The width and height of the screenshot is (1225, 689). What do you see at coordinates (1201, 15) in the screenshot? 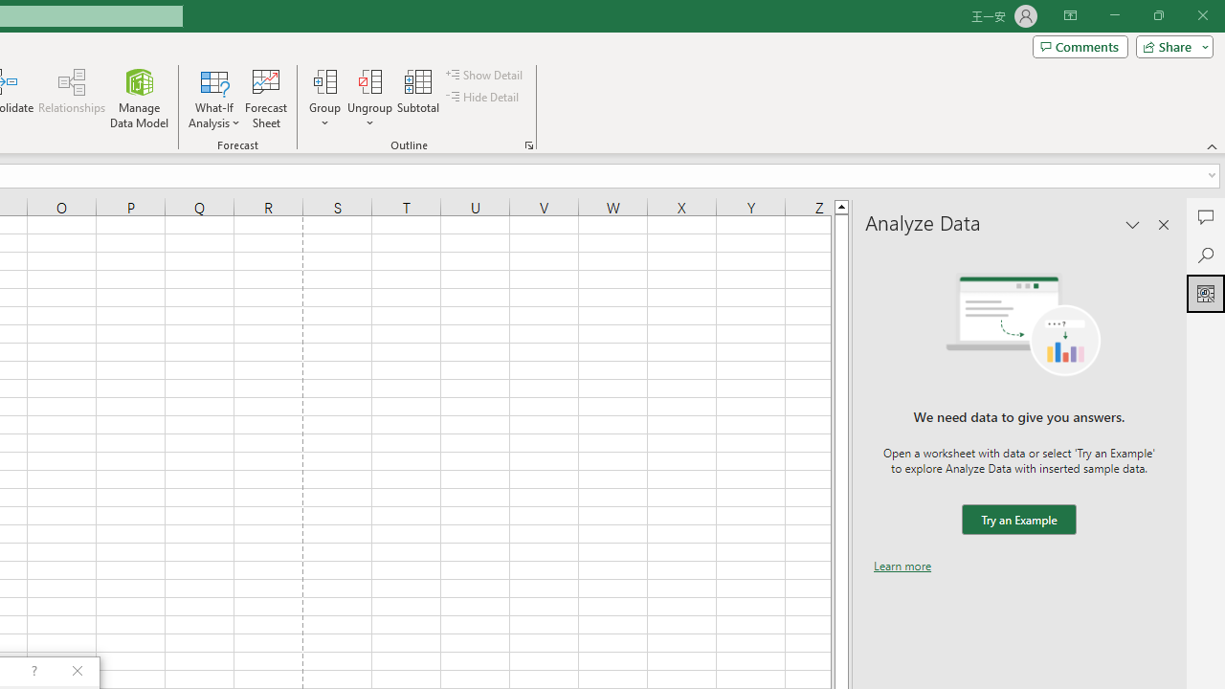
I see `'Close'` at bounding box center [1201, 15].